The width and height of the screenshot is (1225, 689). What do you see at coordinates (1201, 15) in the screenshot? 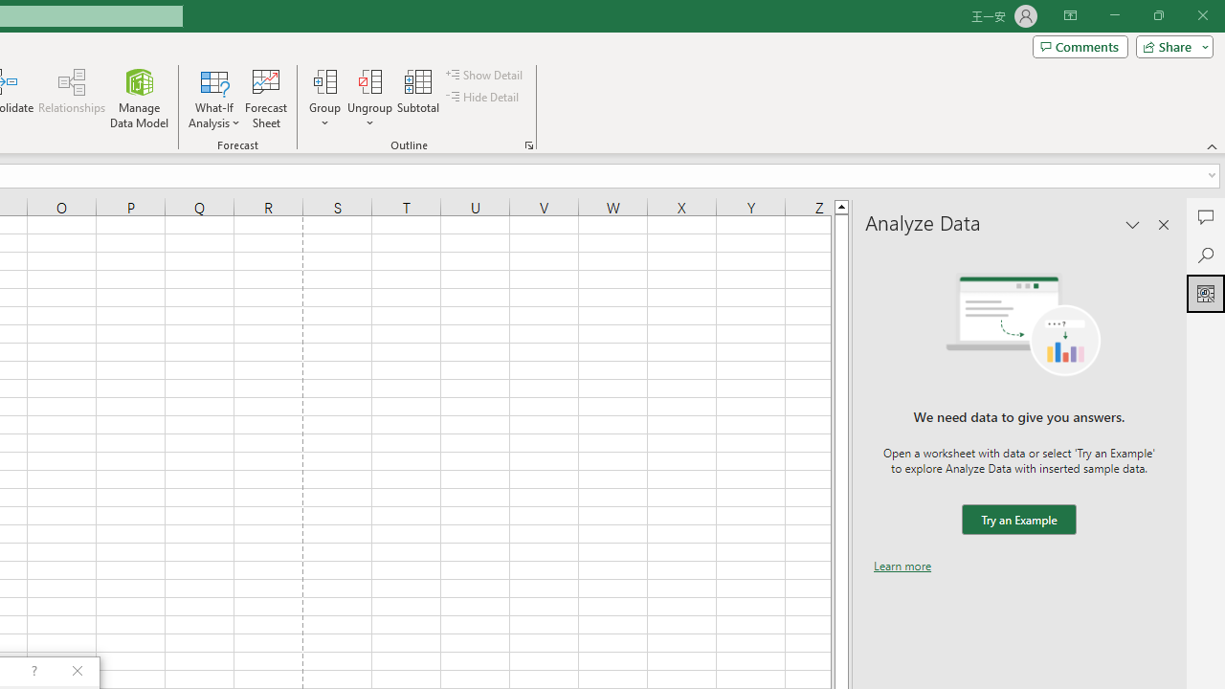
I see `'Close'` at bounding box center [1201, 15].